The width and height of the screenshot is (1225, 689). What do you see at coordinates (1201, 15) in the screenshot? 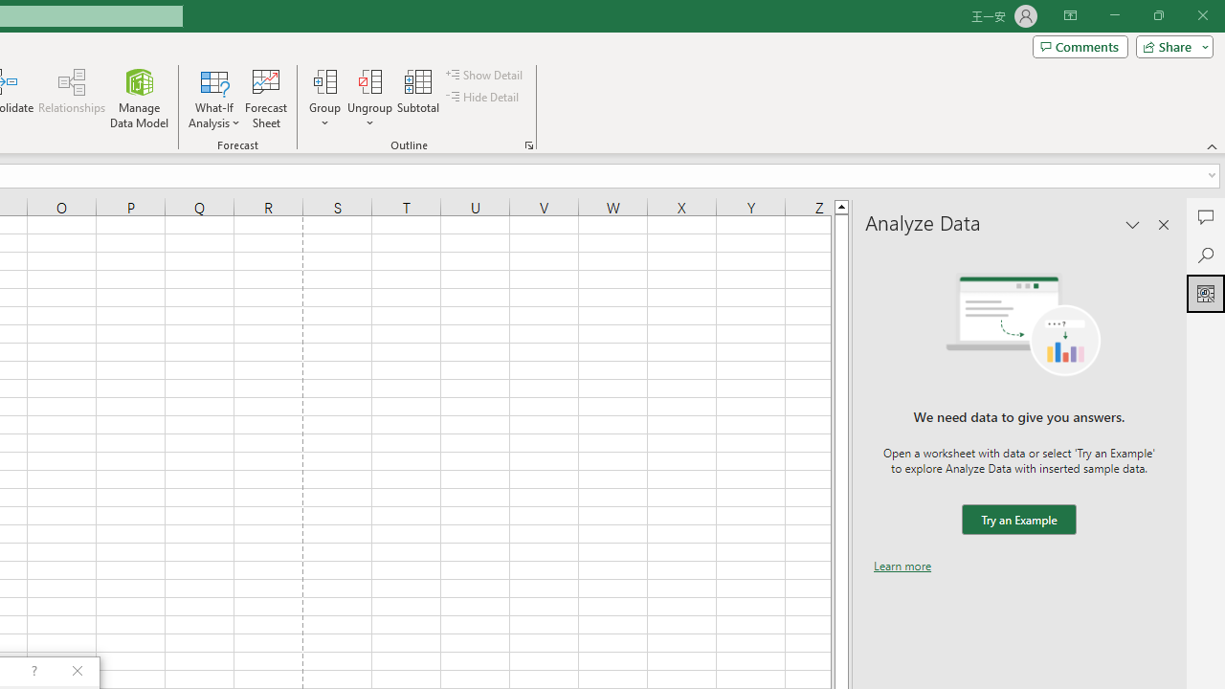
I see `'Close'` at bounding box center [1201, 15].